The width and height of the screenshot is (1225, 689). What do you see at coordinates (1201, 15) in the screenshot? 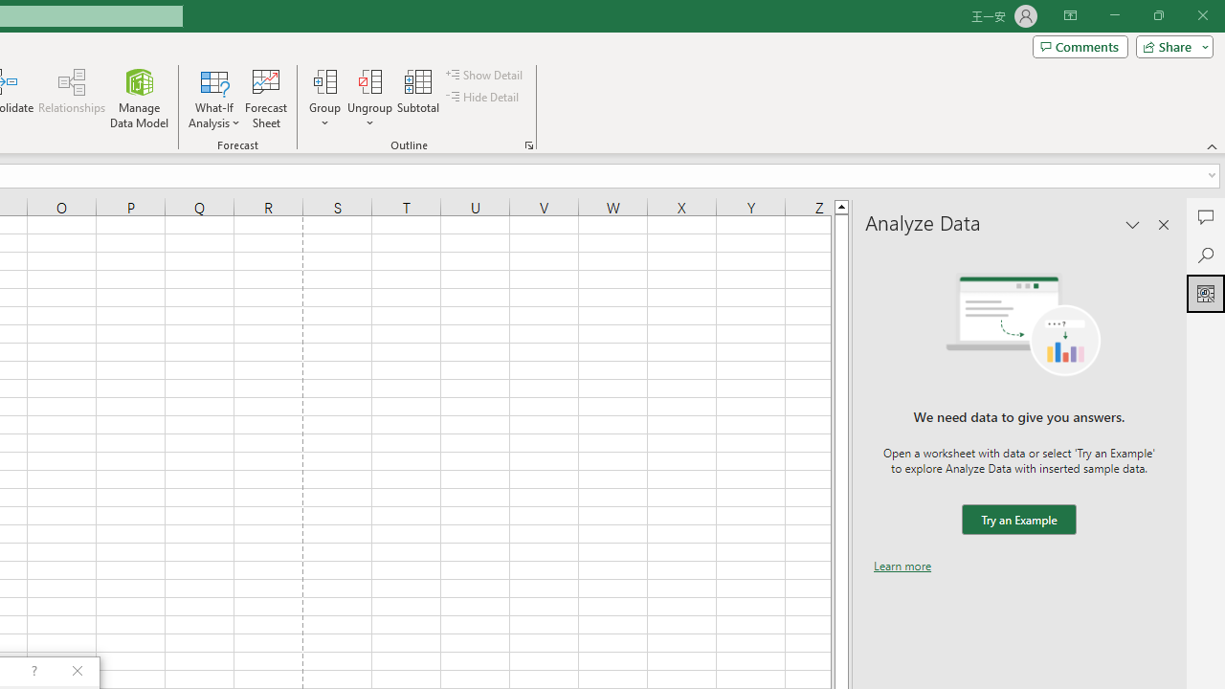
I see `'Close'` at bounding box center [1201, 15].